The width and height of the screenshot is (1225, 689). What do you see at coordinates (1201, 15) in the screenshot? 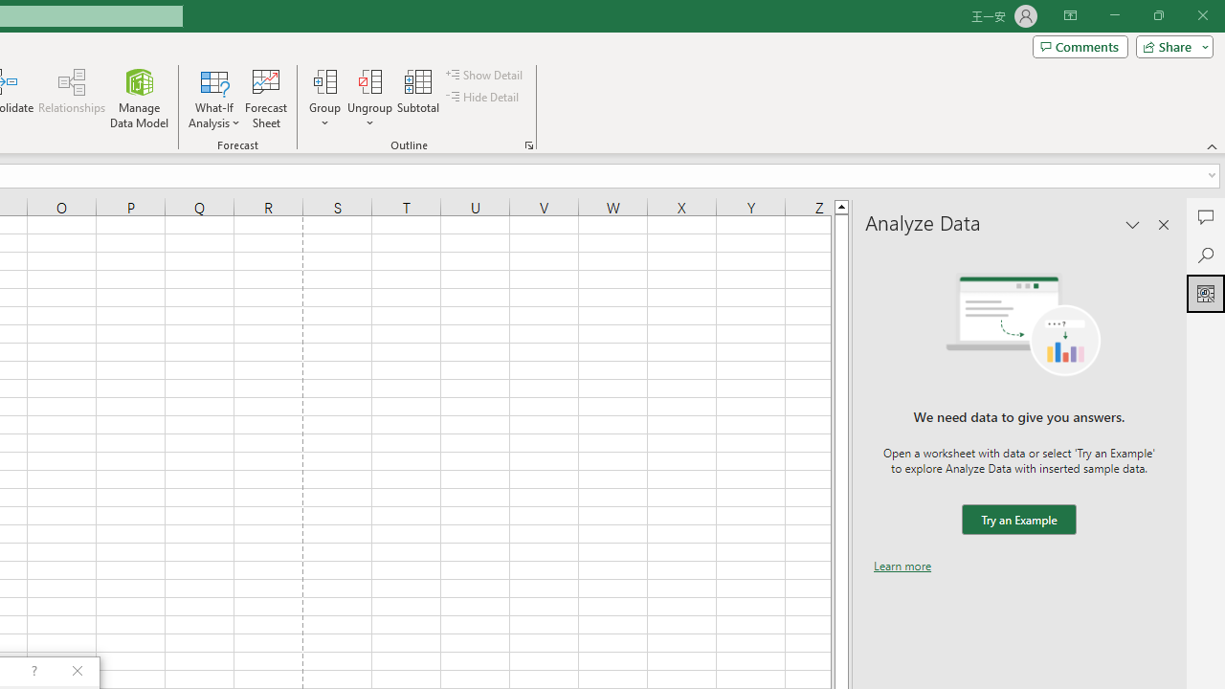
I see `'Close'` at bounding box center [1201, 15].